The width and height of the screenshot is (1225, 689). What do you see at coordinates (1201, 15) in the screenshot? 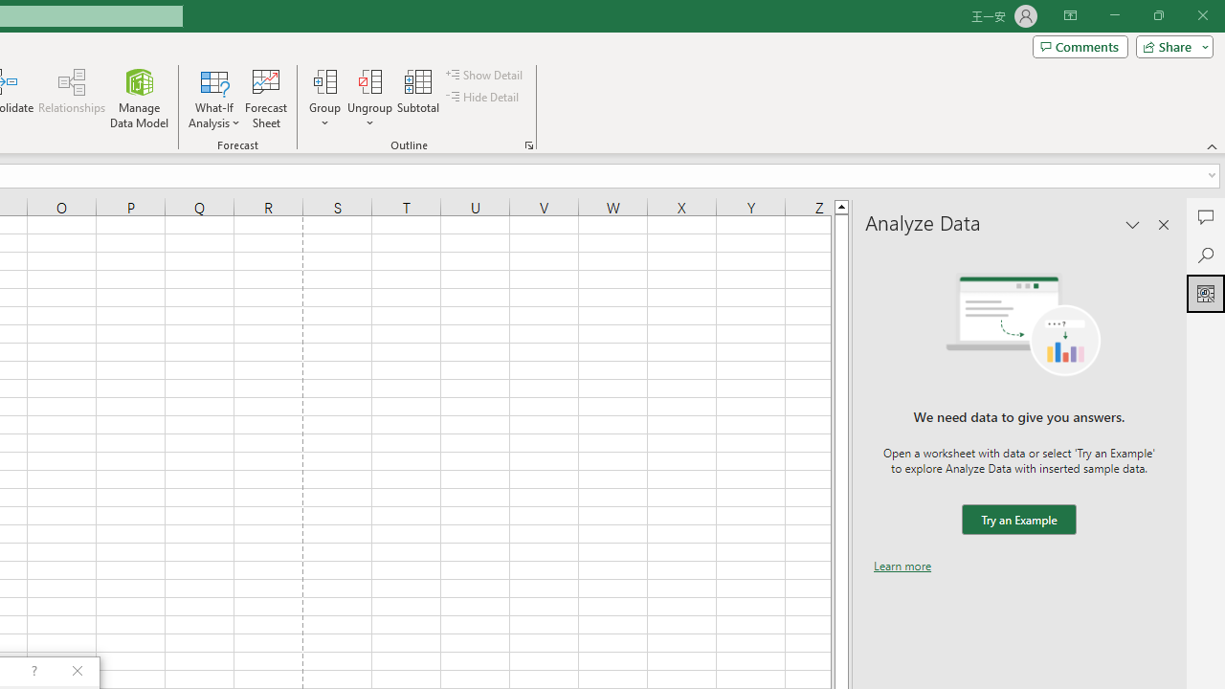
I see `'Close'` at bounding box center [1201, 15].